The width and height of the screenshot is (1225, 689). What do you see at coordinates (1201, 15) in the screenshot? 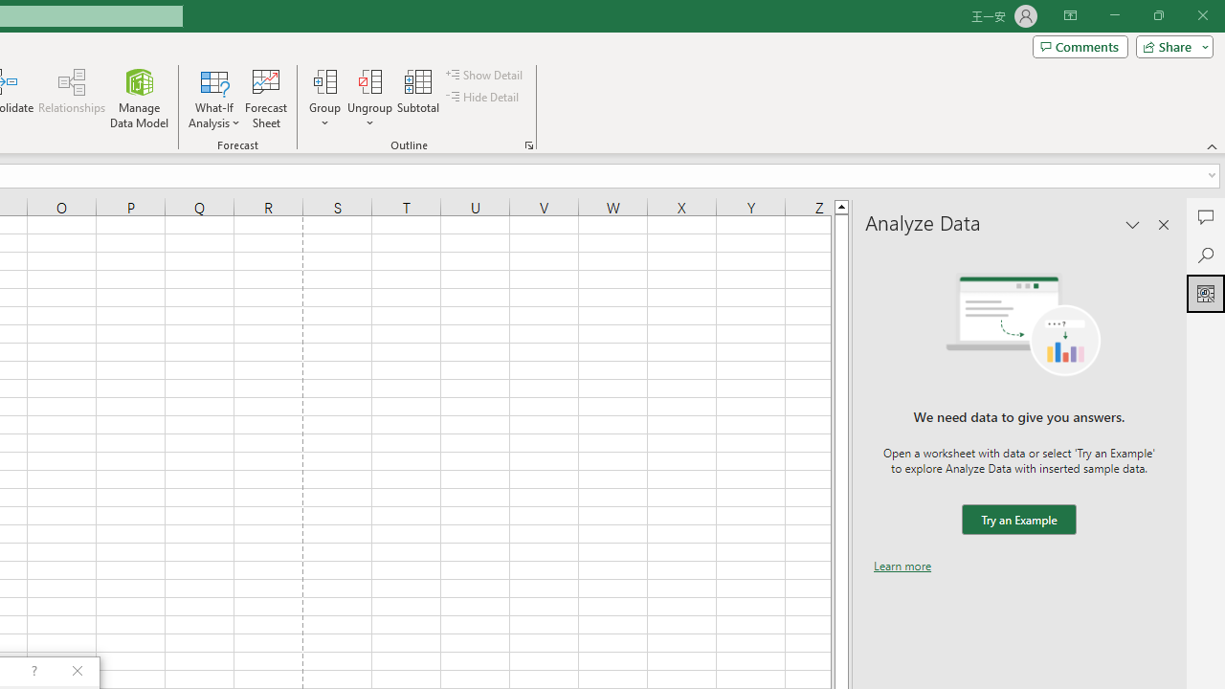
I see `'Close'` at bounding box center [1201, 15].